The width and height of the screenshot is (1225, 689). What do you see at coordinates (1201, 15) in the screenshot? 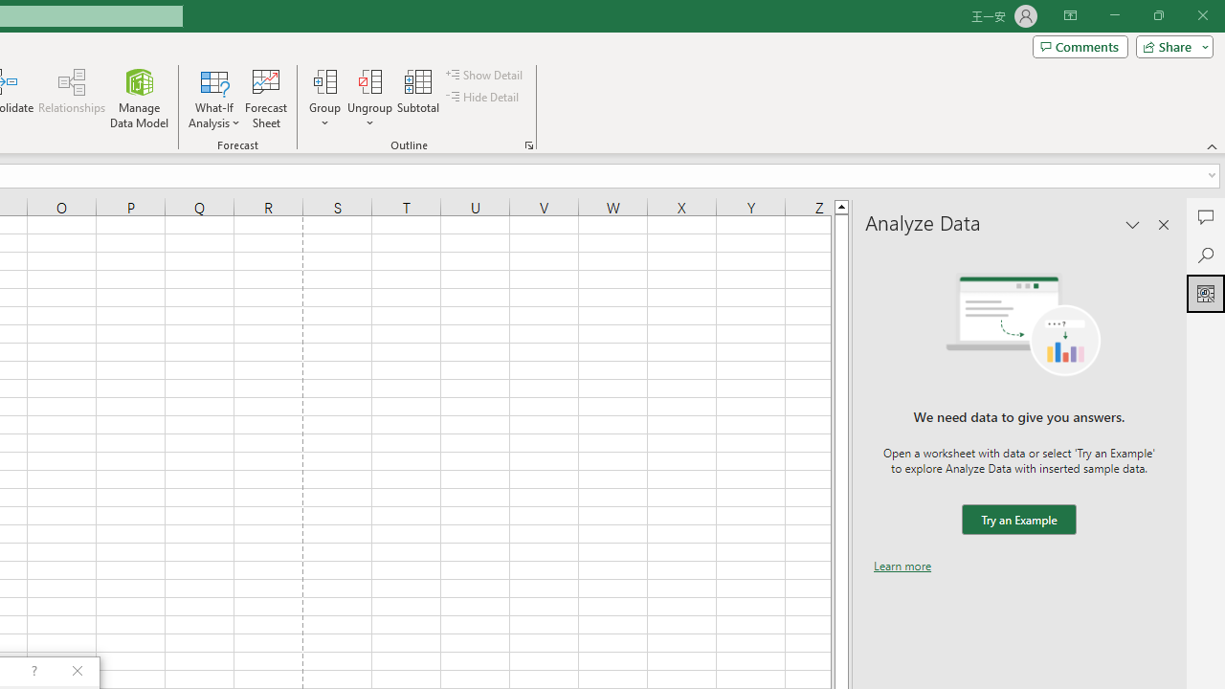
I see `'Close'` at bounding box center [1201, 15].